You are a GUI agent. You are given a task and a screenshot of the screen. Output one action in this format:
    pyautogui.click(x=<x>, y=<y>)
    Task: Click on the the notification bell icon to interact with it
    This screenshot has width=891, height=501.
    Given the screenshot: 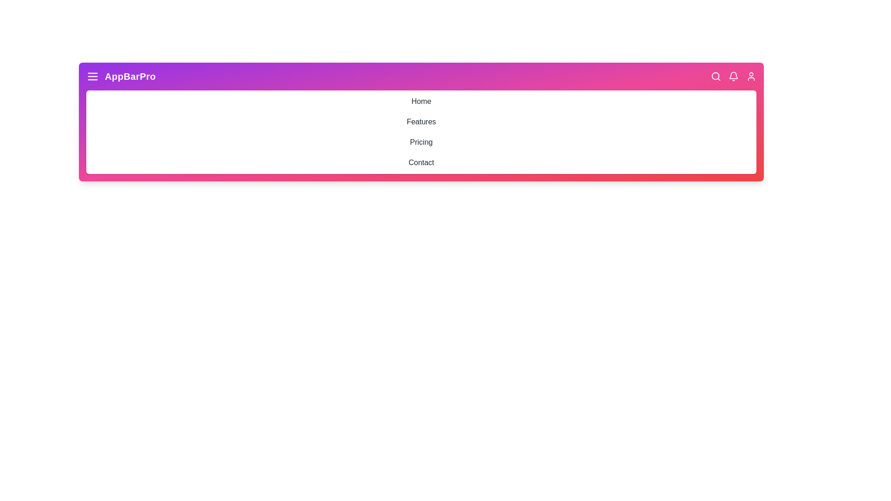 What is the action you would take?
    pyautogui.click(x=733, y=76)
    